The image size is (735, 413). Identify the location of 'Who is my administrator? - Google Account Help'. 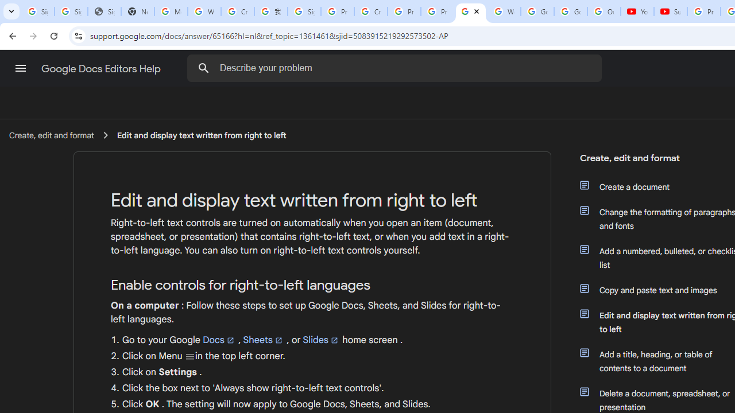
(204, 11).